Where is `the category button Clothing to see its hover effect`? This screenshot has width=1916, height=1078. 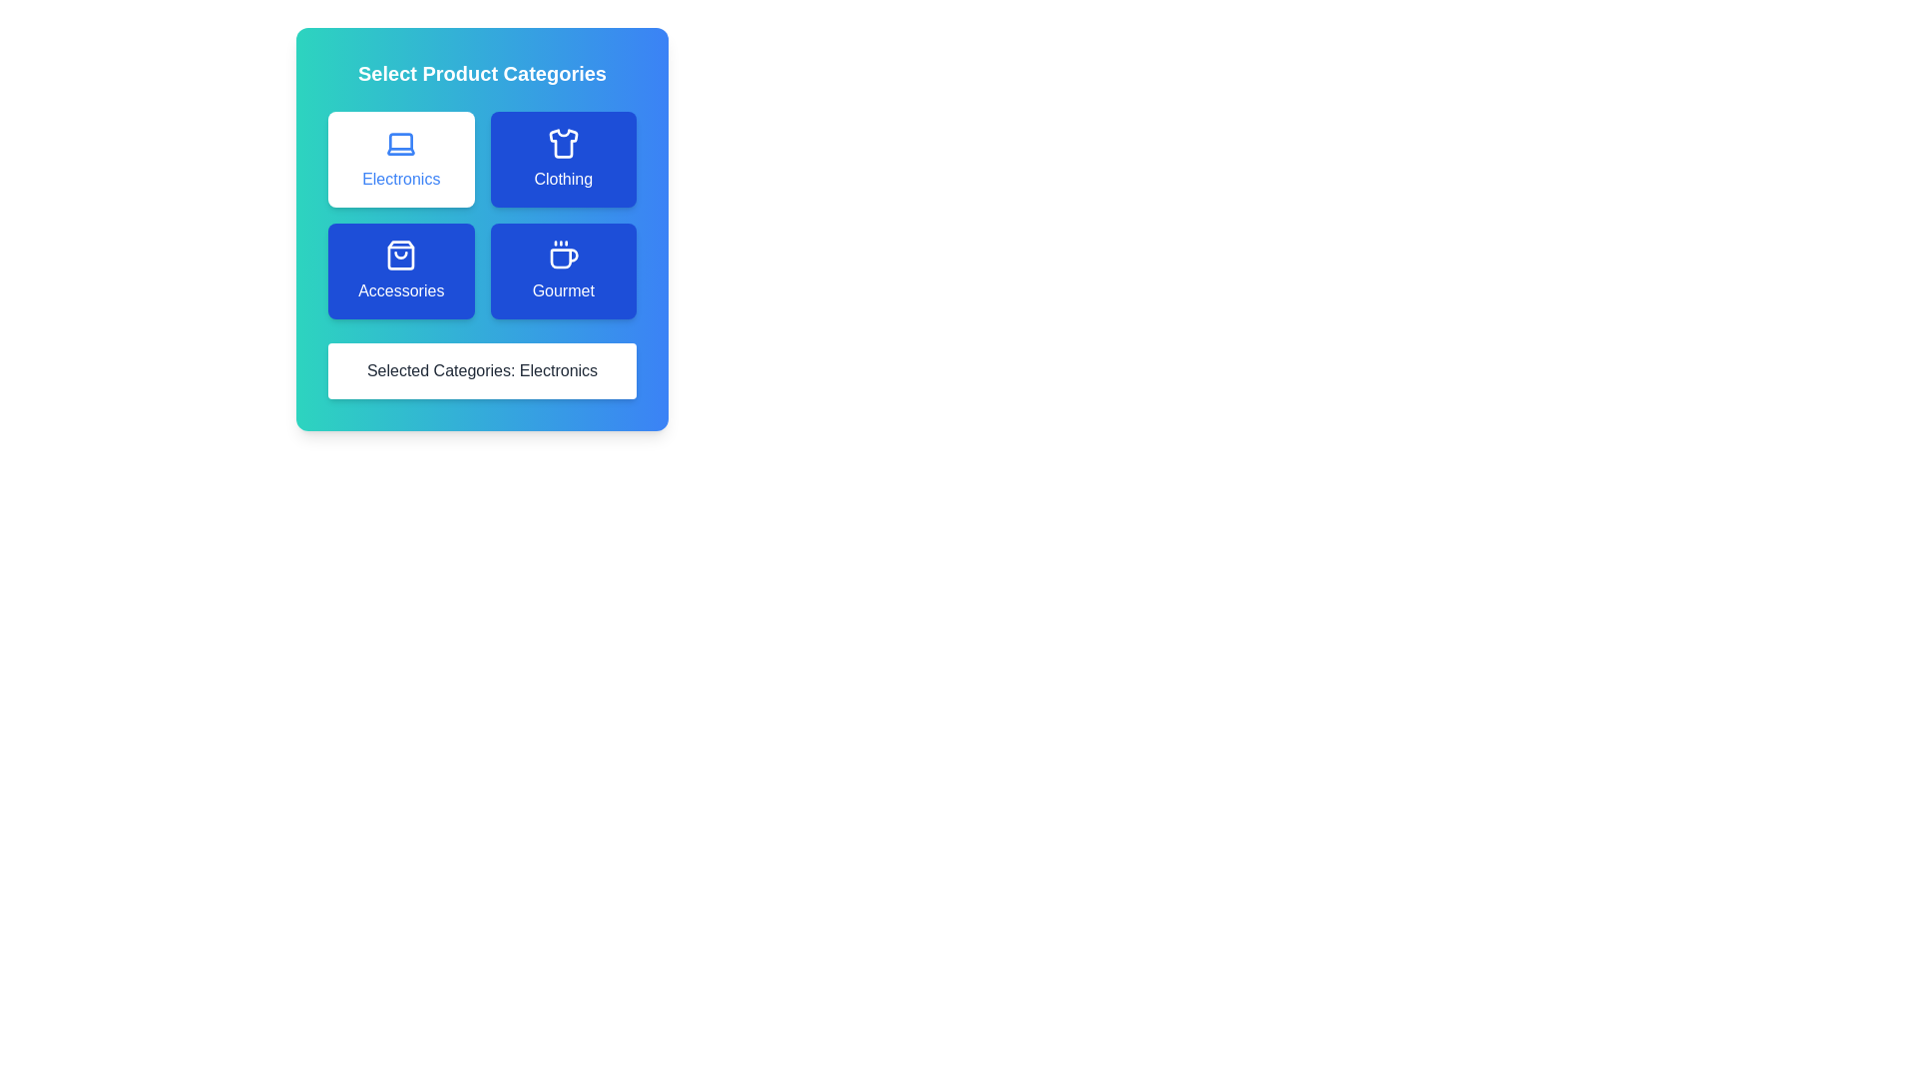
the category button Clothing to see its hover effect is located at coordinates (562, 158).